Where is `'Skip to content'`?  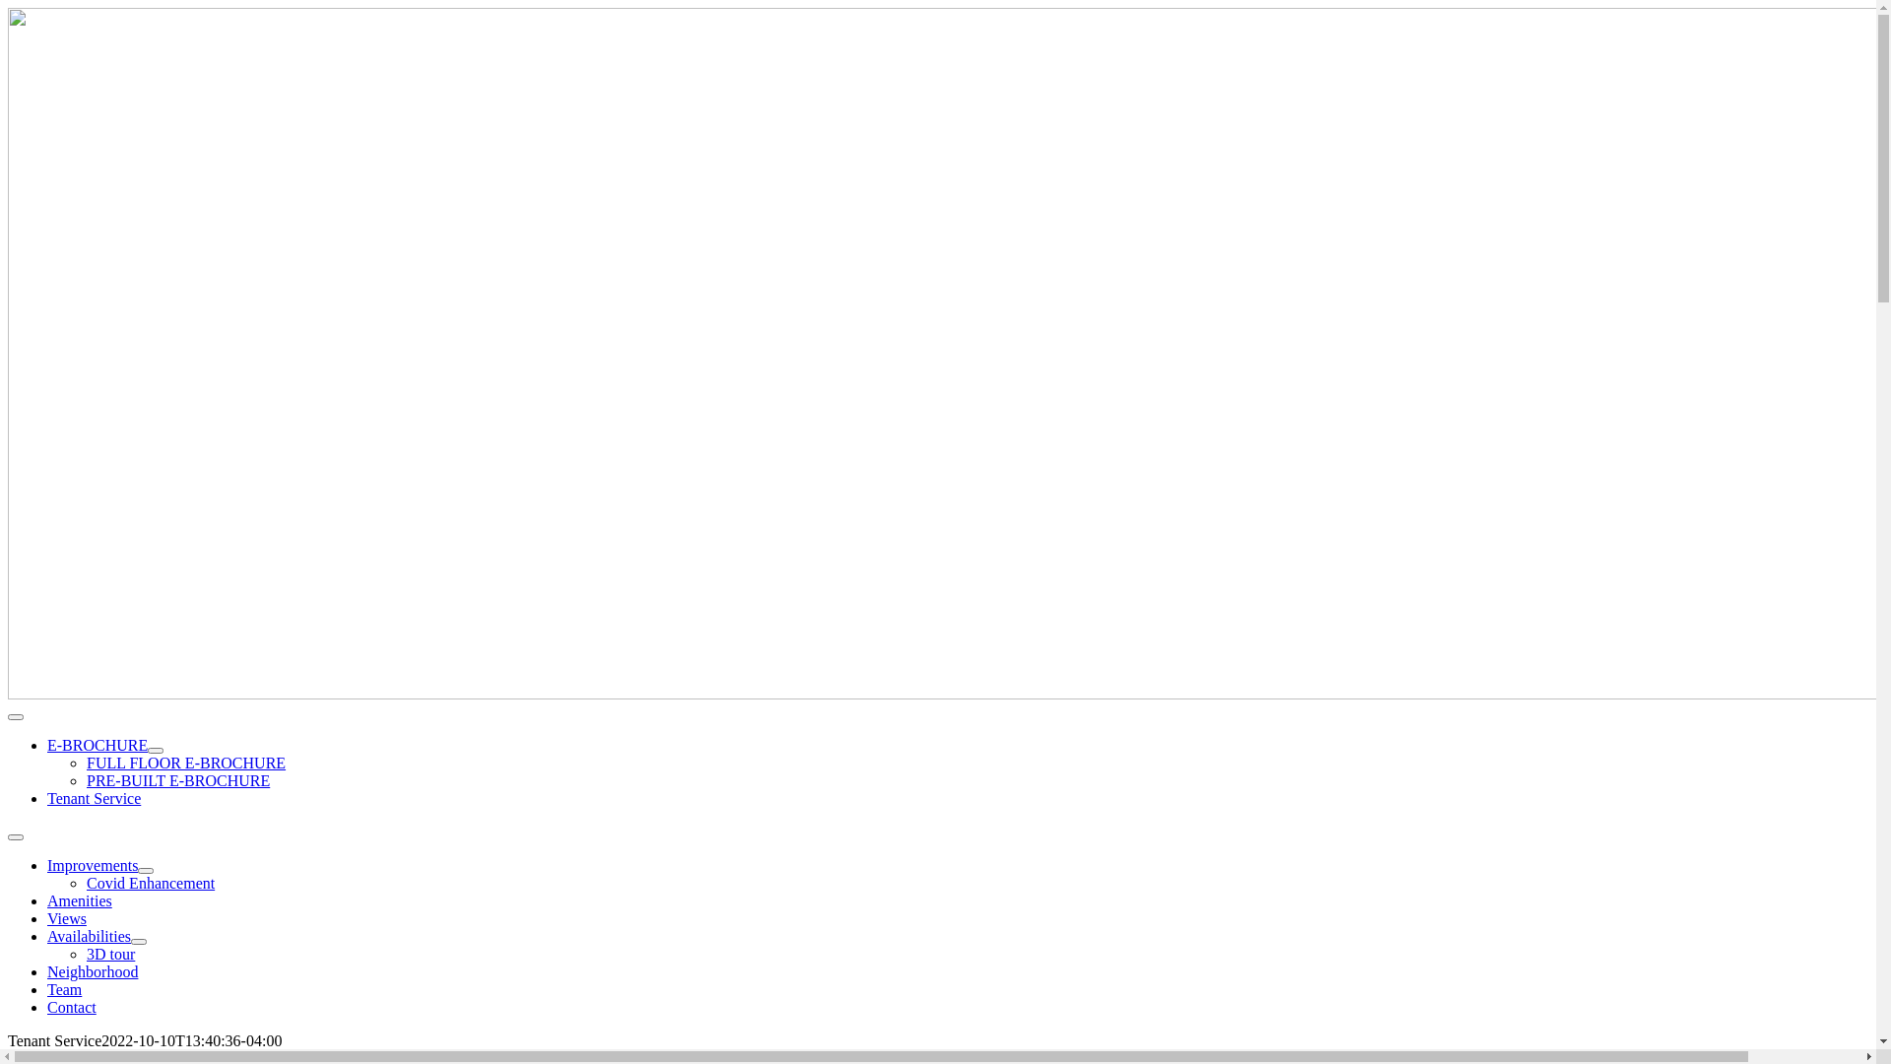 'Skip to content' is located at coordinates (8, 8).